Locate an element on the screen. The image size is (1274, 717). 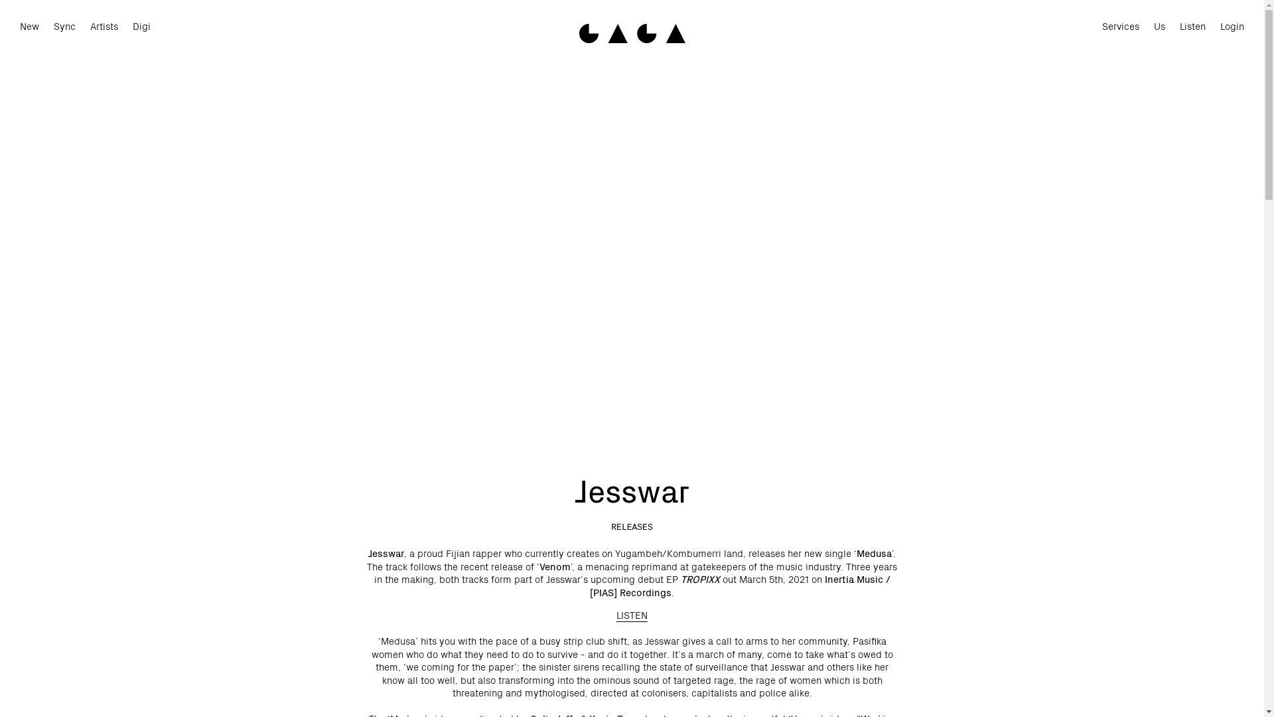
'Gaga' is located at coordinates (630, 33).